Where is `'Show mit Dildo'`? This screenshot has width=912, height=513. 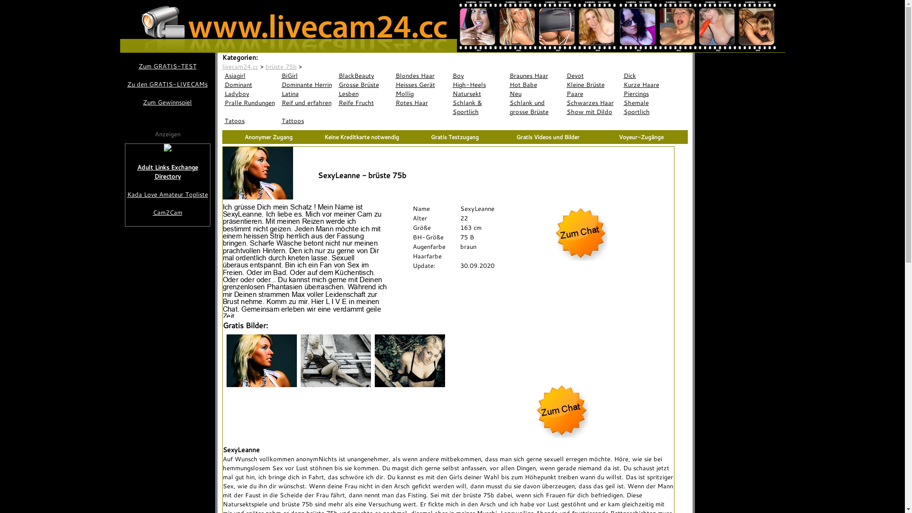 'Show mit Dildo' is located at coordinates (592, 111).